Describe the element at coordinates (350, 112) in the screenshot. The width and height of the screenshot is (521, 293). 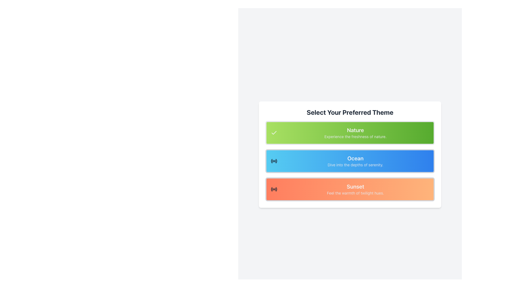
I see `Text Header that serves as a title for the theme selection area, positioned above the Nature, Ocean, and Sunset options` at that location.